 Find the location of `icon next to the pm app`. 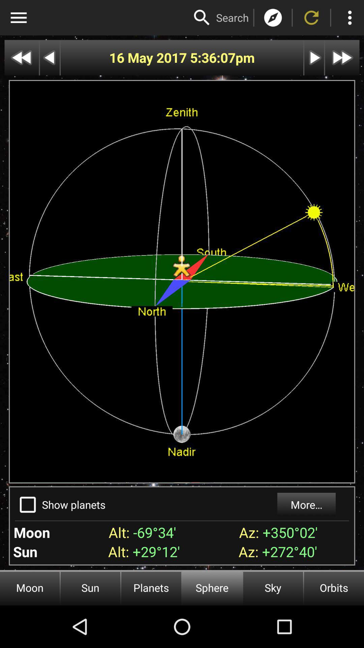

icon next to the pm app is located at coordinates (213, 58).